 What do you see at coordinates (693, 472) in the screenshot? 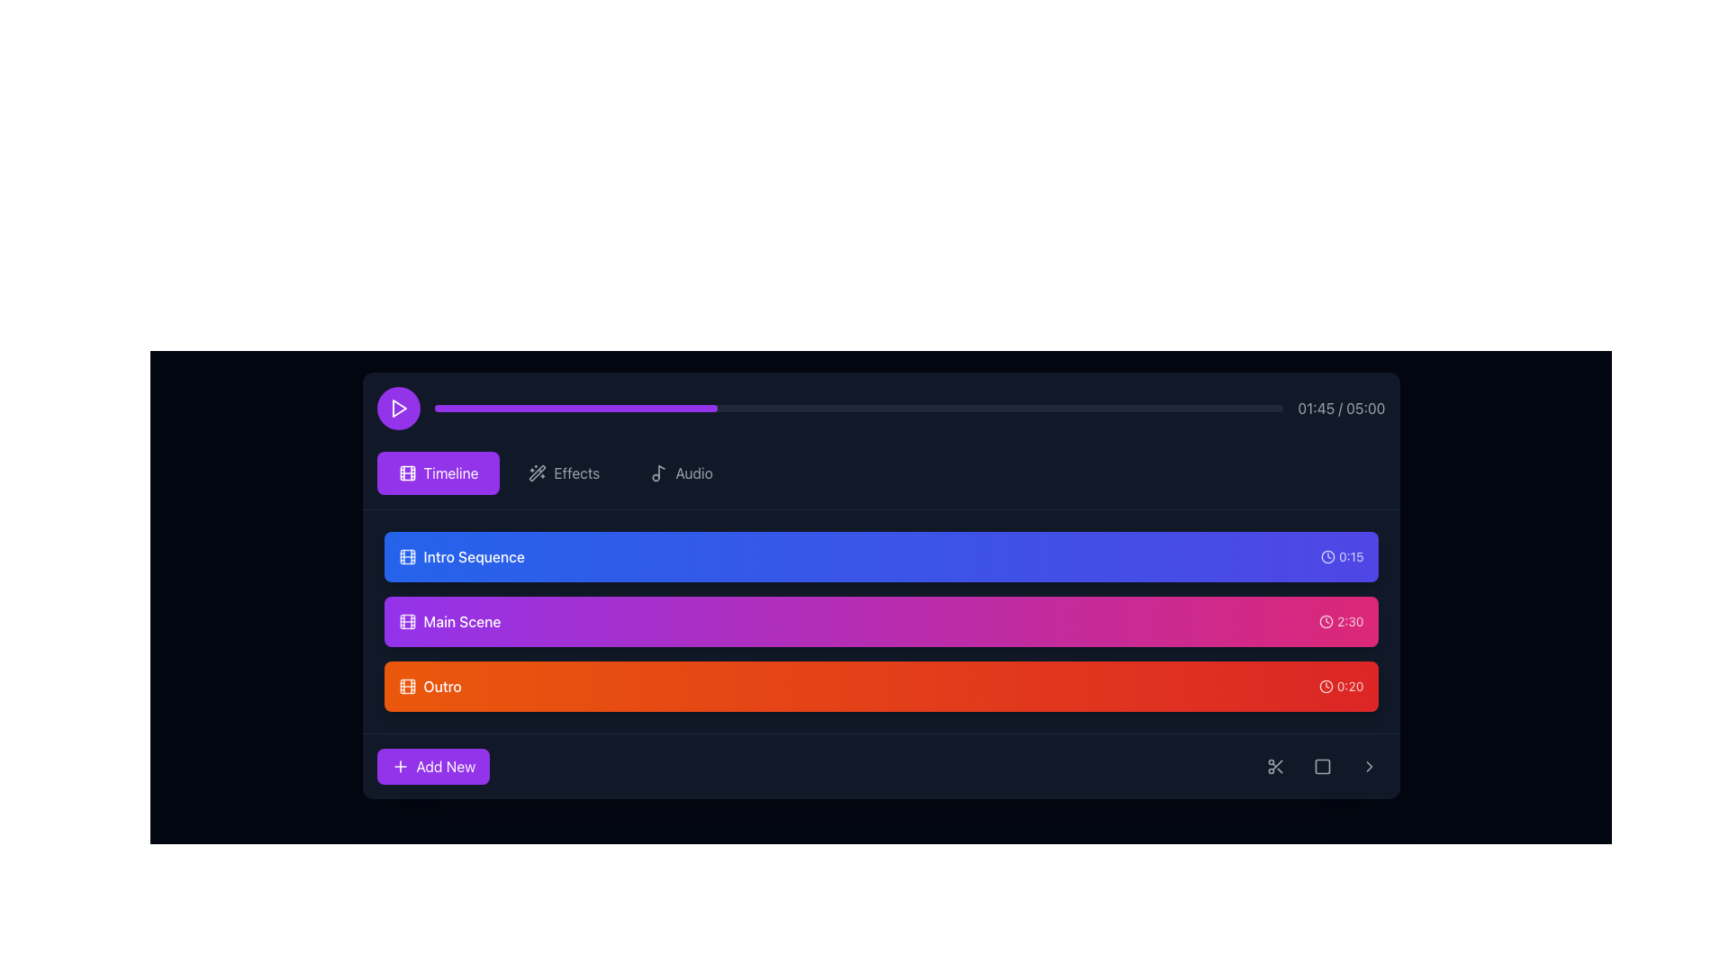
I see `the 'Audio' text label, which is displayed in light gray font against a dark background and is located to the right of a musical note icon` at bounding box center [693, 472].